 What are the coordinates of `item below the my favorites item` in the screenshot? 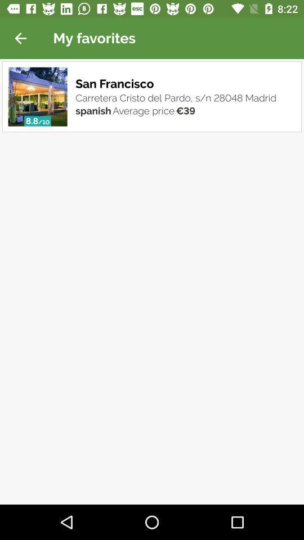 It's located at (115, 83).